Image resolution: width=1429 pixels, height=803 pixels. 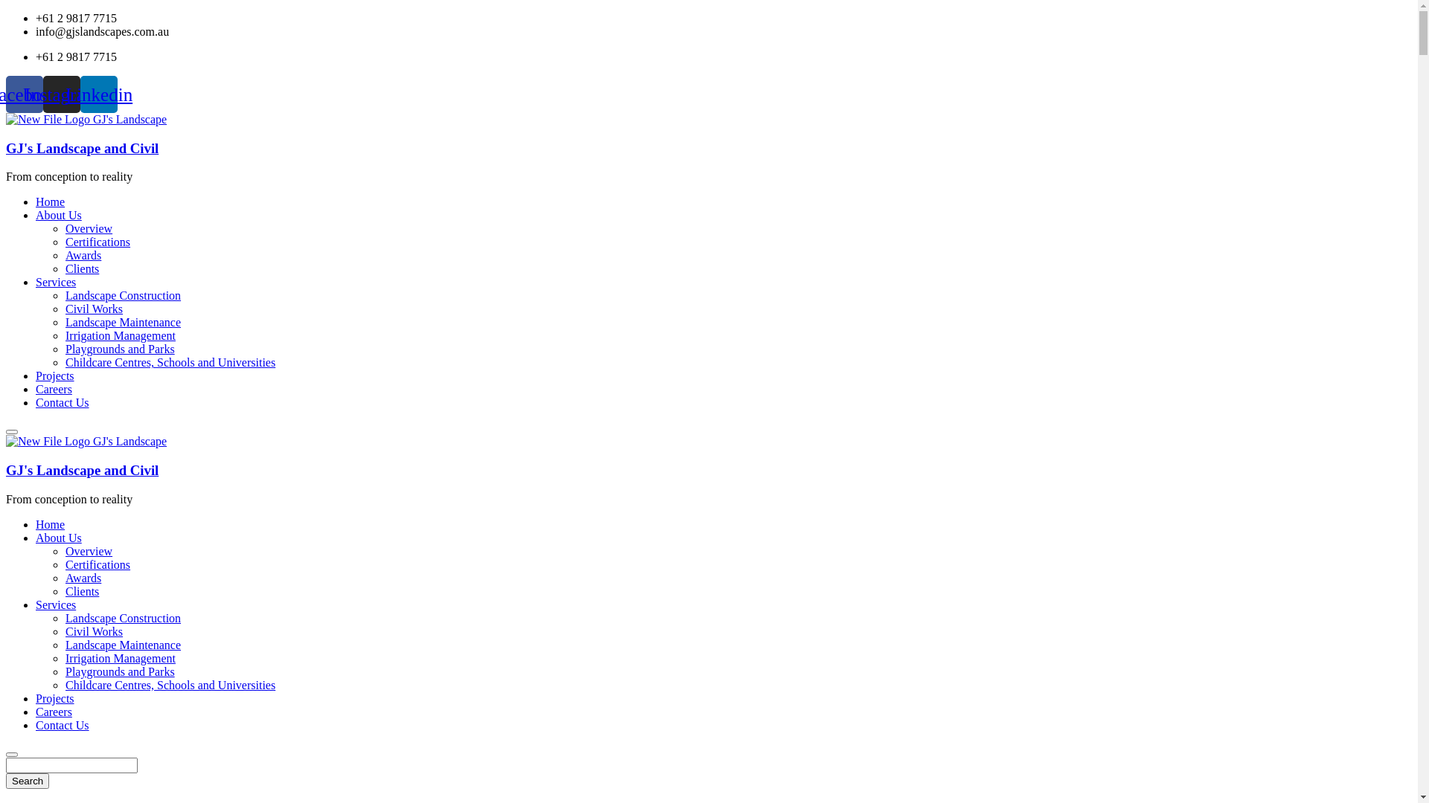 I want to click on 'Projects', so click(x=36, y=375).